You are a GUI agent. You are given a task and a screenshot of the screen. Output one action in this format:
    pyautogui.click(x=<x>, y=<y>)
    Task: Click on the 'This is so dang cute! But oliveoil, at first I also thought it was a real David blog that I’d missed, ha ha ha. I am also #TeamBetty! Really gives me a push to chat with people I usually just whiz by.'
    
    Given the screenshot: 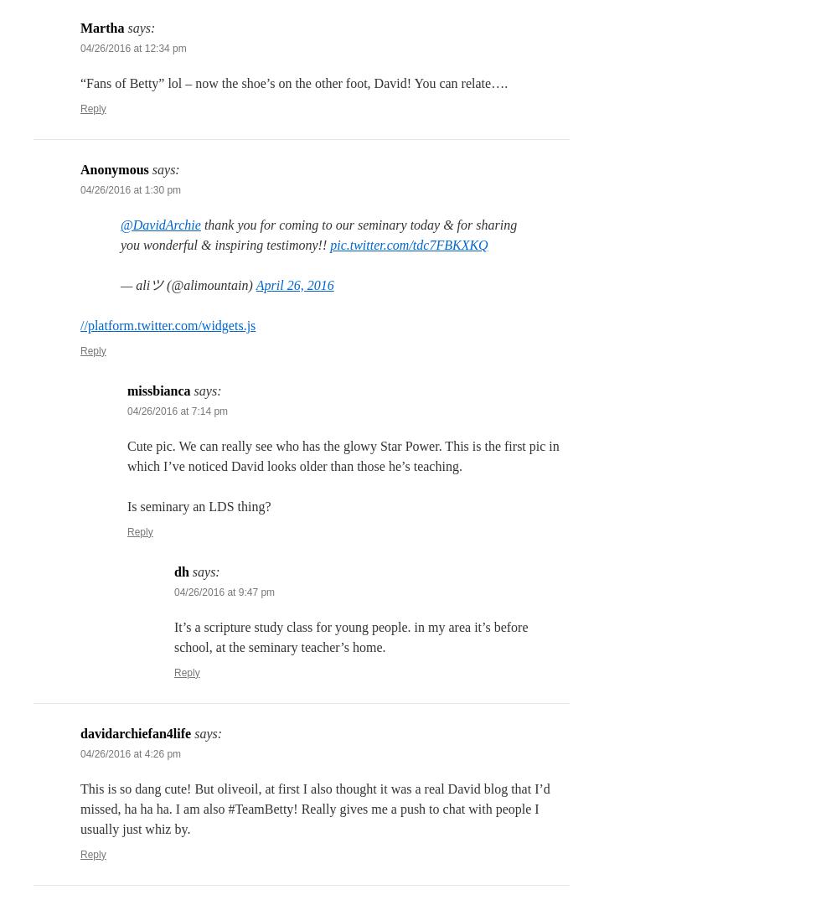 What is the action you would take?
    pyautogui.click(x=315, y=808)
    